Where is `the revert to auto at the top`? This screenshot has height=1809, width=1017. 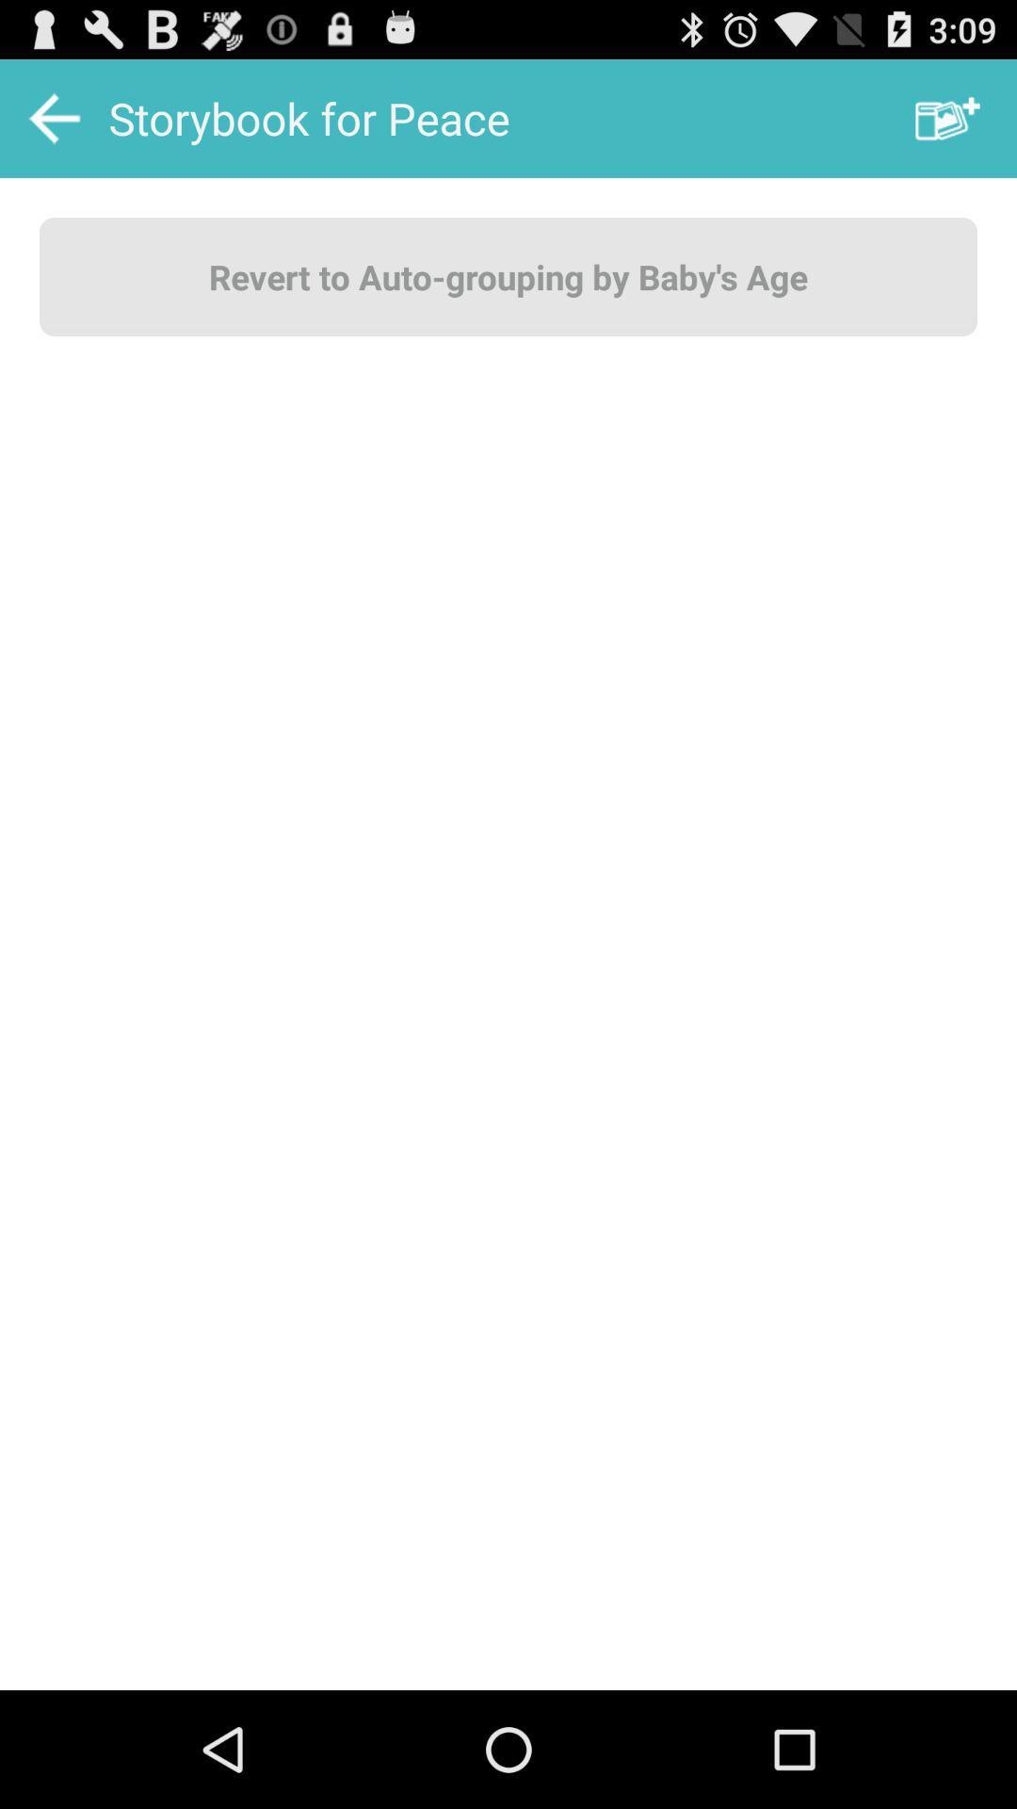 the revert to auto at the top is located at coordinates (508, 275).